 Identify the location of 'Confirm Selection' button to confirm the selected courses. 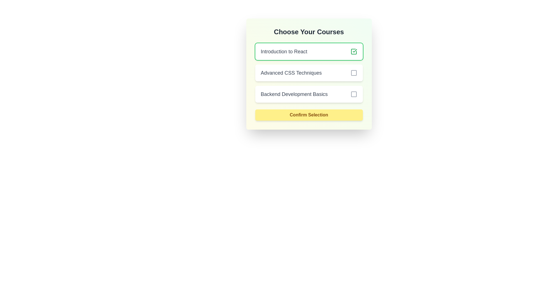
(309, 114).